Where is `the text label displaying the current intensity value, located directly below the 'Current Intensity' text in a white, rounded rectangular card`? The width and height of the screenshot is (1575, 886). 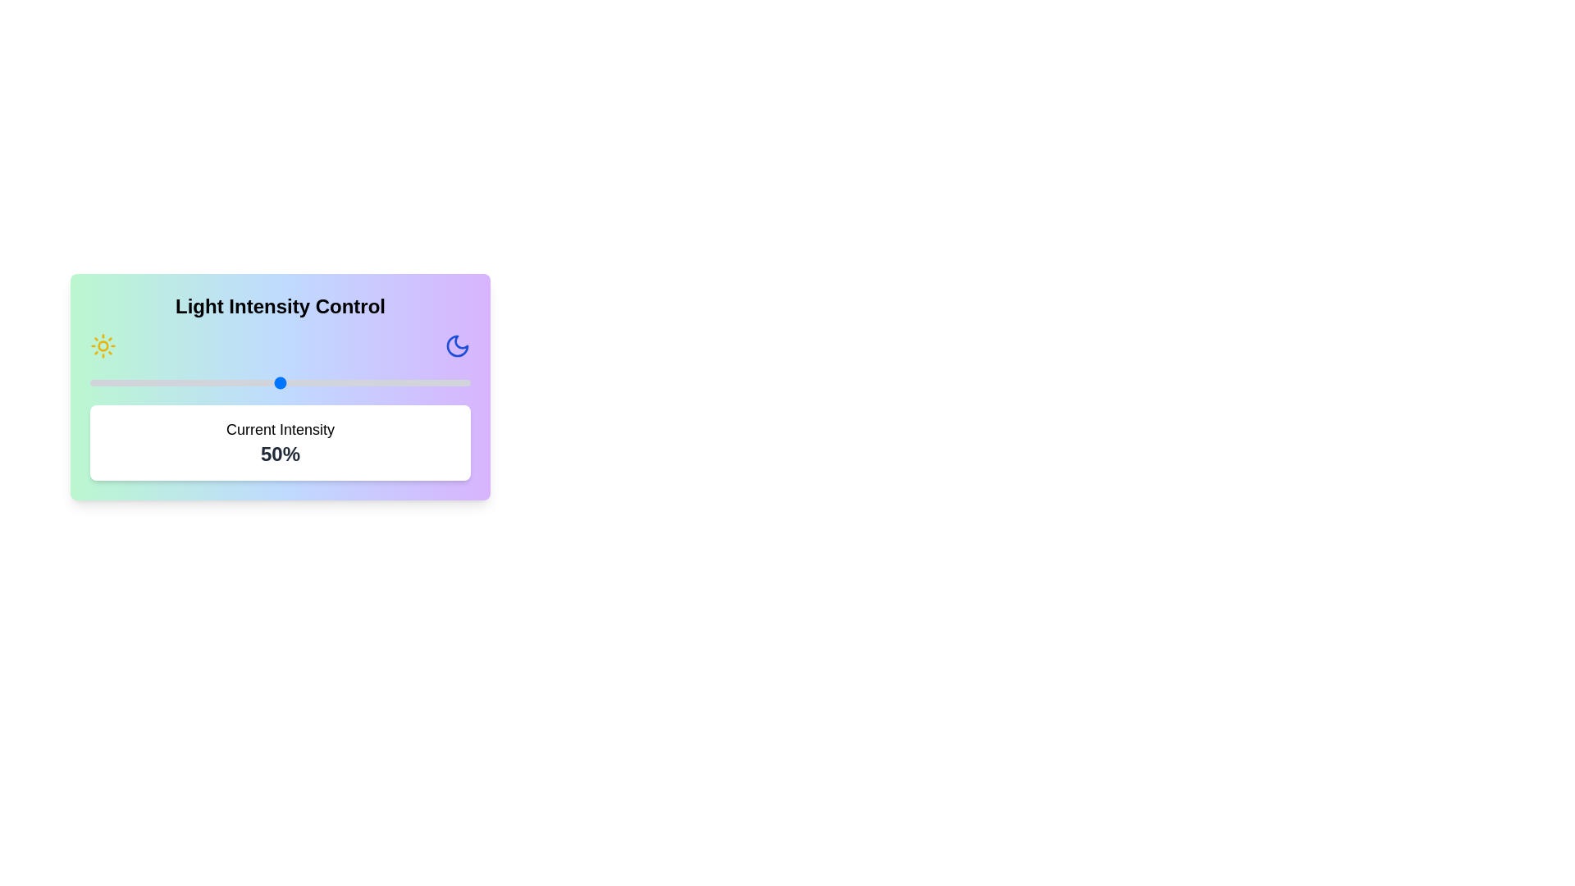 the text label displaying the current intensity value, located directly below the 'Current Intensity' text in a white, rounded rectangular card is located at coordinates (280, 454).